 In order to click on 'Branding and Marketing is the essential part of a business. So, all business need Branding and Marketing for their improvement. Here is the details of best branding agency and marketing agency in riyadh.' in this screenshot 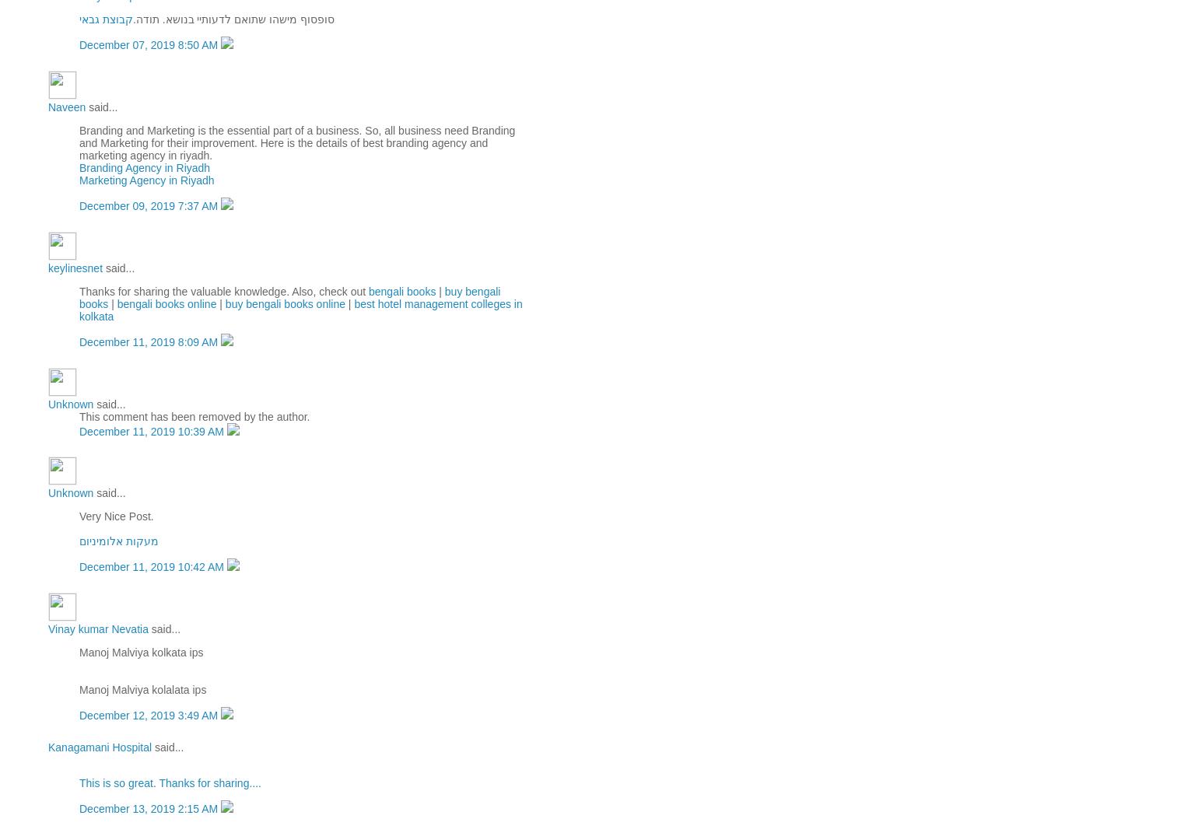, I will do `click(296, 142)`.